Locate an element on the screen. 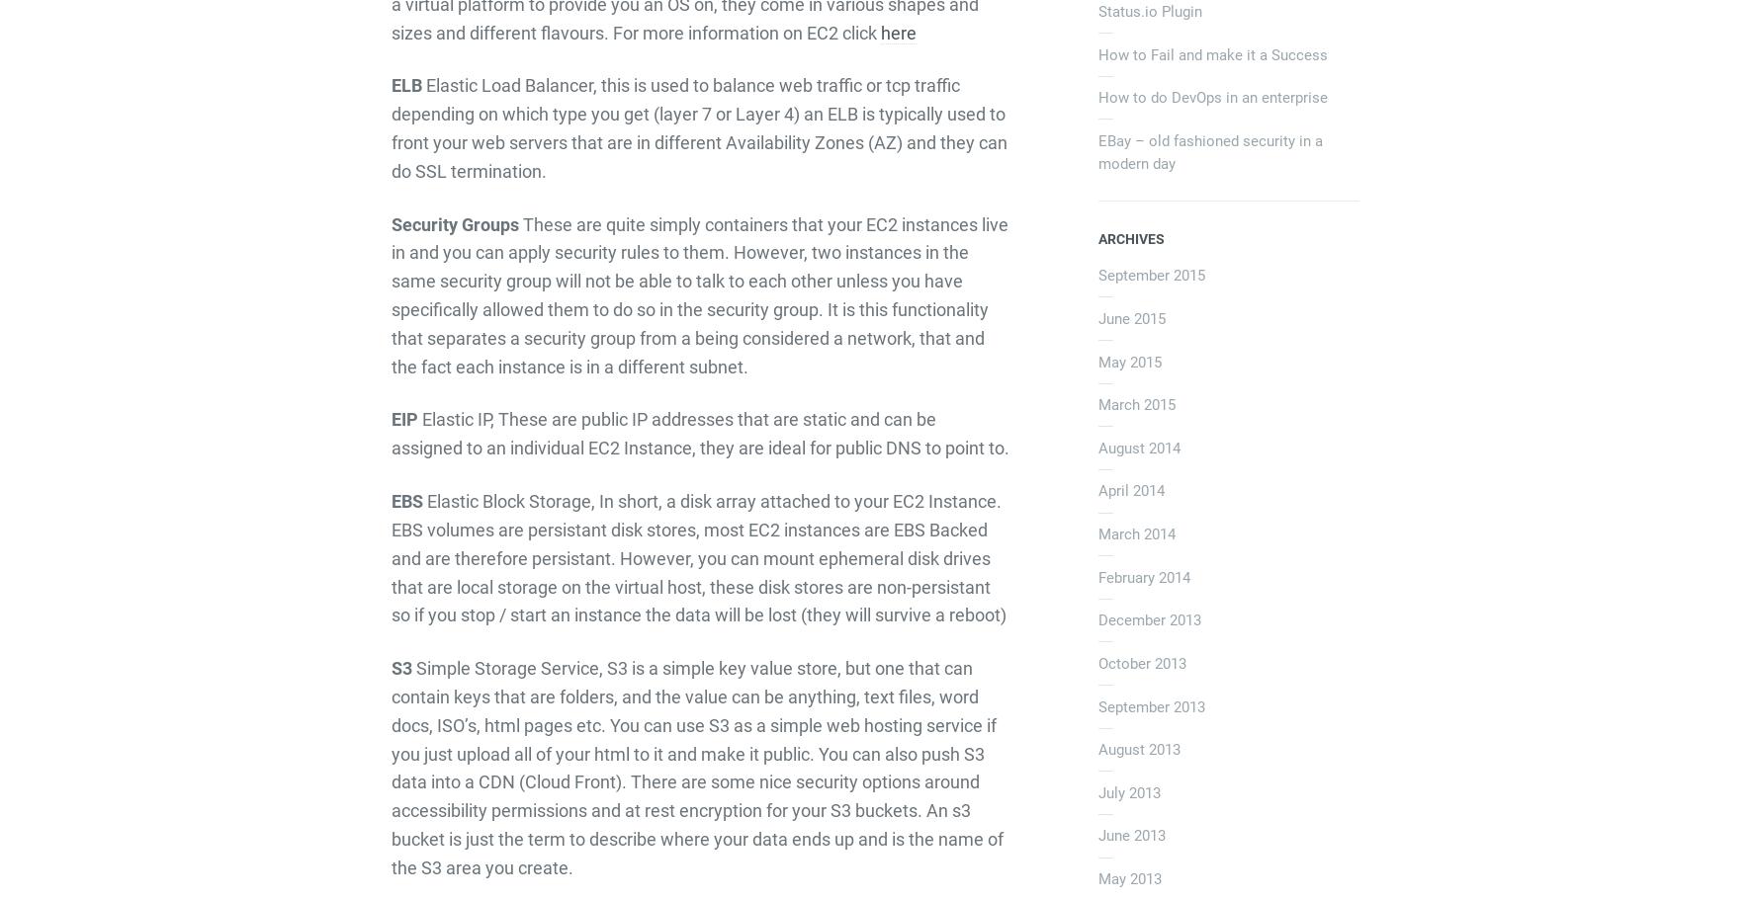 The image size is (1751, 900). 'EIP' is located at coordinates (403, 419).